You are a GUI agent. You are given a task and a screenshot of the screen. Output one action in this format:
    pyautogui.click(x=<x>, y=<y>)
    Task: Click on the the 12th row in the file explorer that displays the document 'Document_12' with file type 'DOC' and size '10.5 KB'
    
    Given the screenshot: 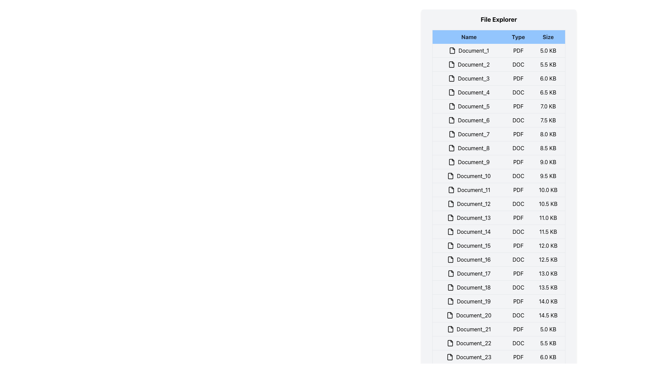 What is the action you would take?
    pyautogui.click(x=499, y=204)
    